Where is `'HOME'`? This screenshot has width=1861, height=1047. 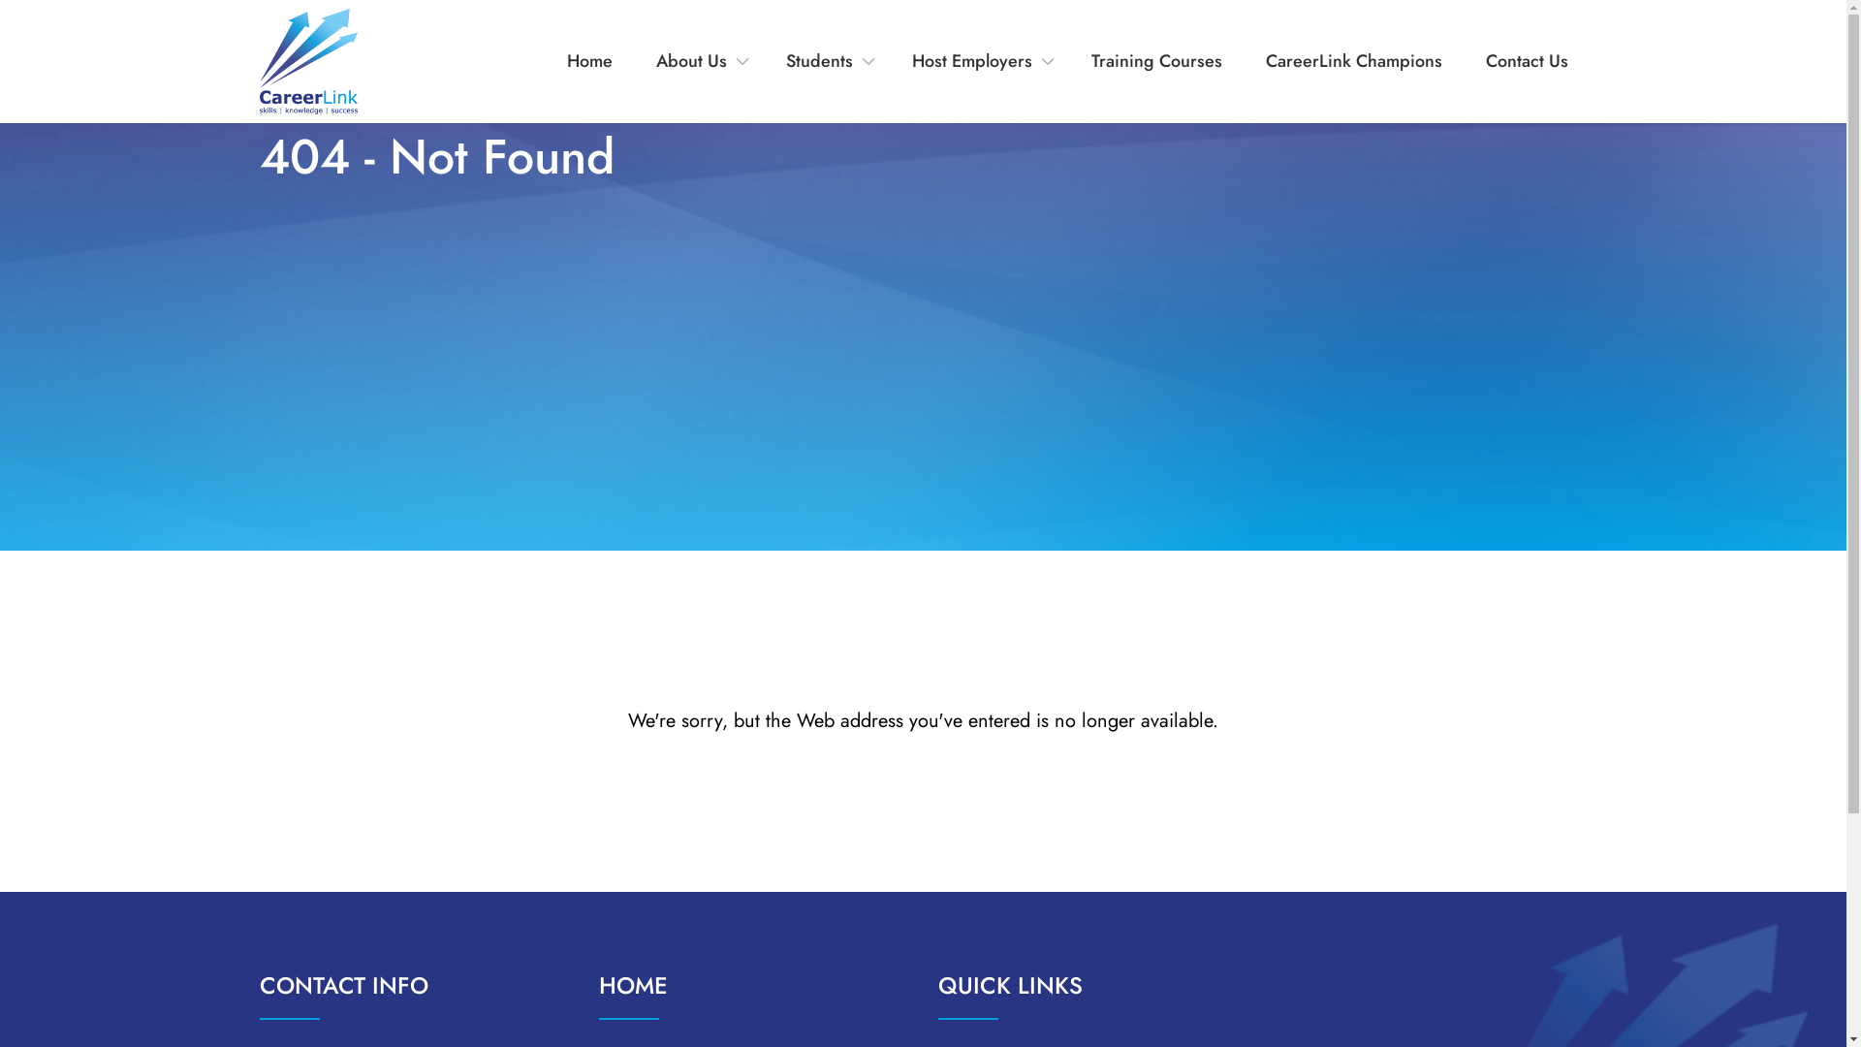 'HOME' is located at coordinates (633, 985).